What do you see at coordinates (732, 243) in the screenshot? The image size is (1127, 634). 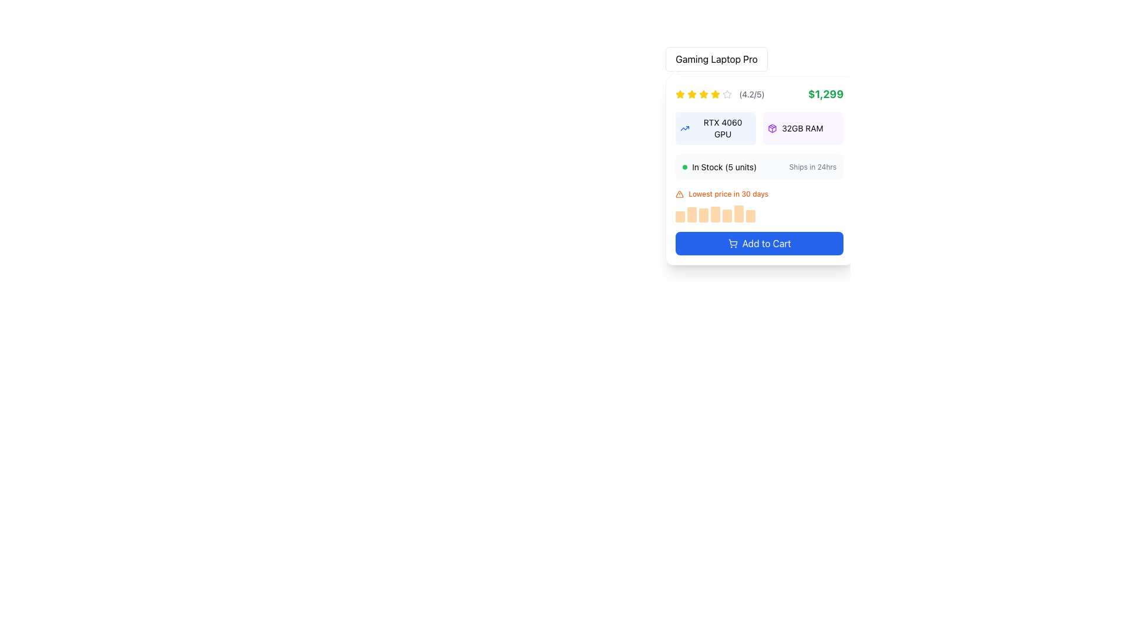 I see `the 'Add to Cart' button icon, which is visually reinforcing the button's function to add the product to the shopping cart, located in the lower right panel of the product details section` at bounding box center [732, 243].